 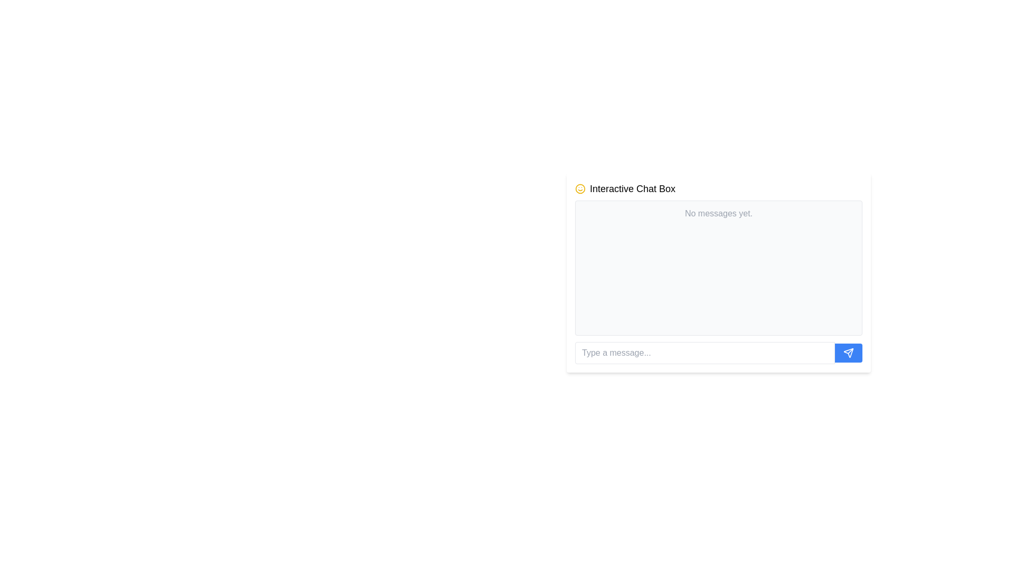 I want to click on the paper airplane icon located at the bottom-right corner of the Interactive Chat Box interface, which symbolizes a 'send' action, so click(x=849, y=353).